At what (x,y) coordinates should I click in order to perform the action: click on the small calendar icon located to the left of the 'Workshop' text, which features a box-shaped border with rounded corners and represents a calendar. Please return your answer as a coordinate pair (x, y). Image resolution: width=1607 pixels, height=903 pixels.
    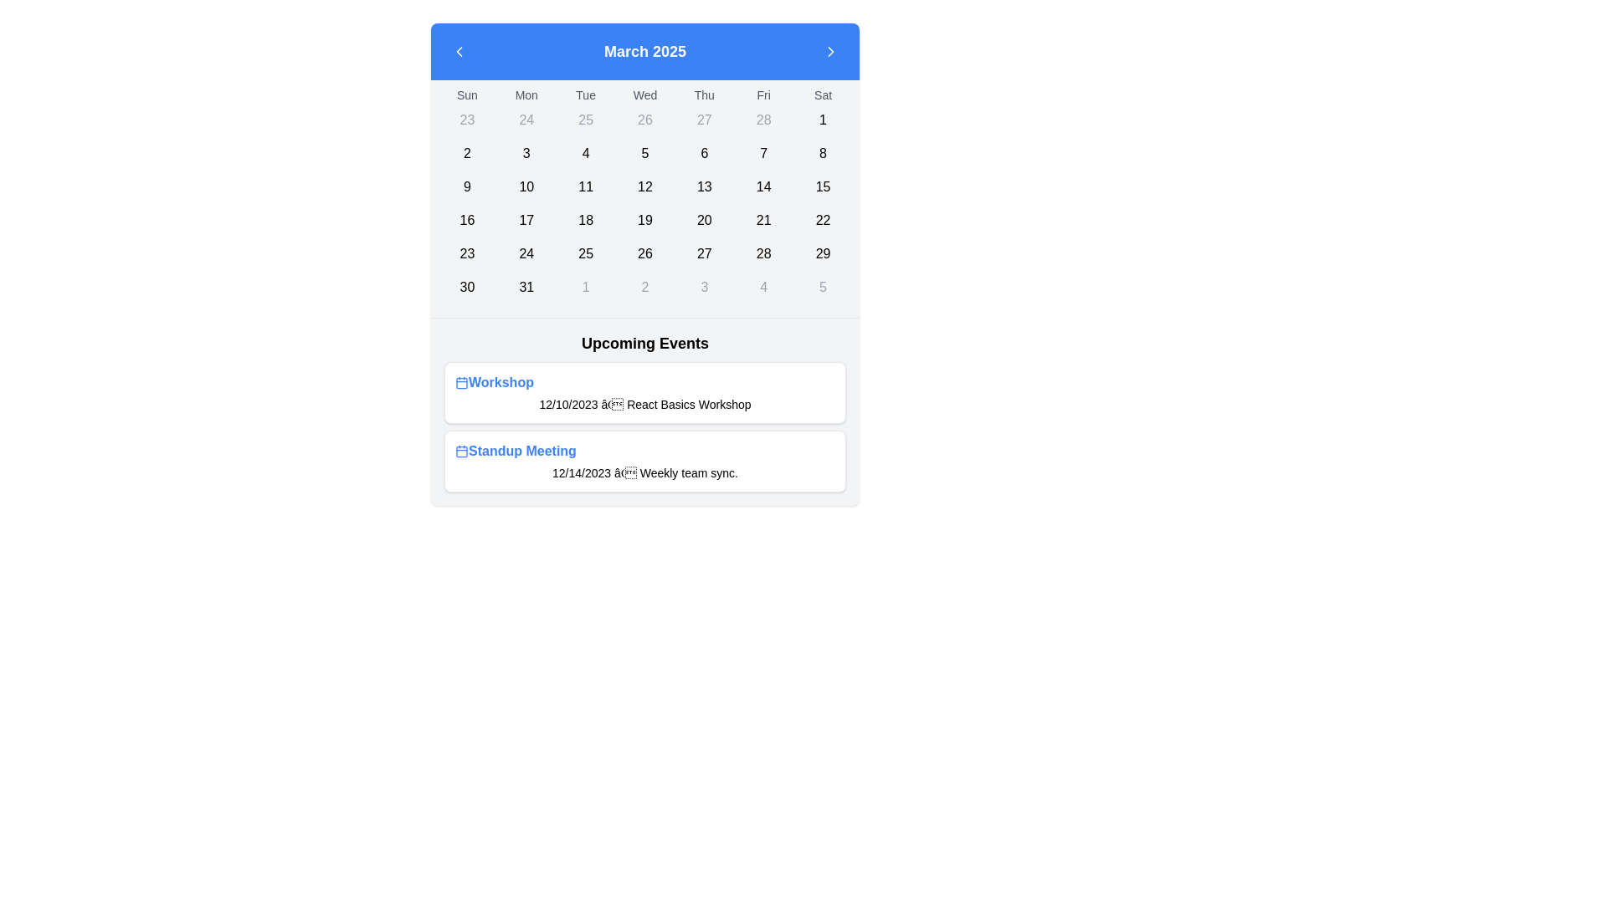
    Looking at the image, I should click on (462, 383).